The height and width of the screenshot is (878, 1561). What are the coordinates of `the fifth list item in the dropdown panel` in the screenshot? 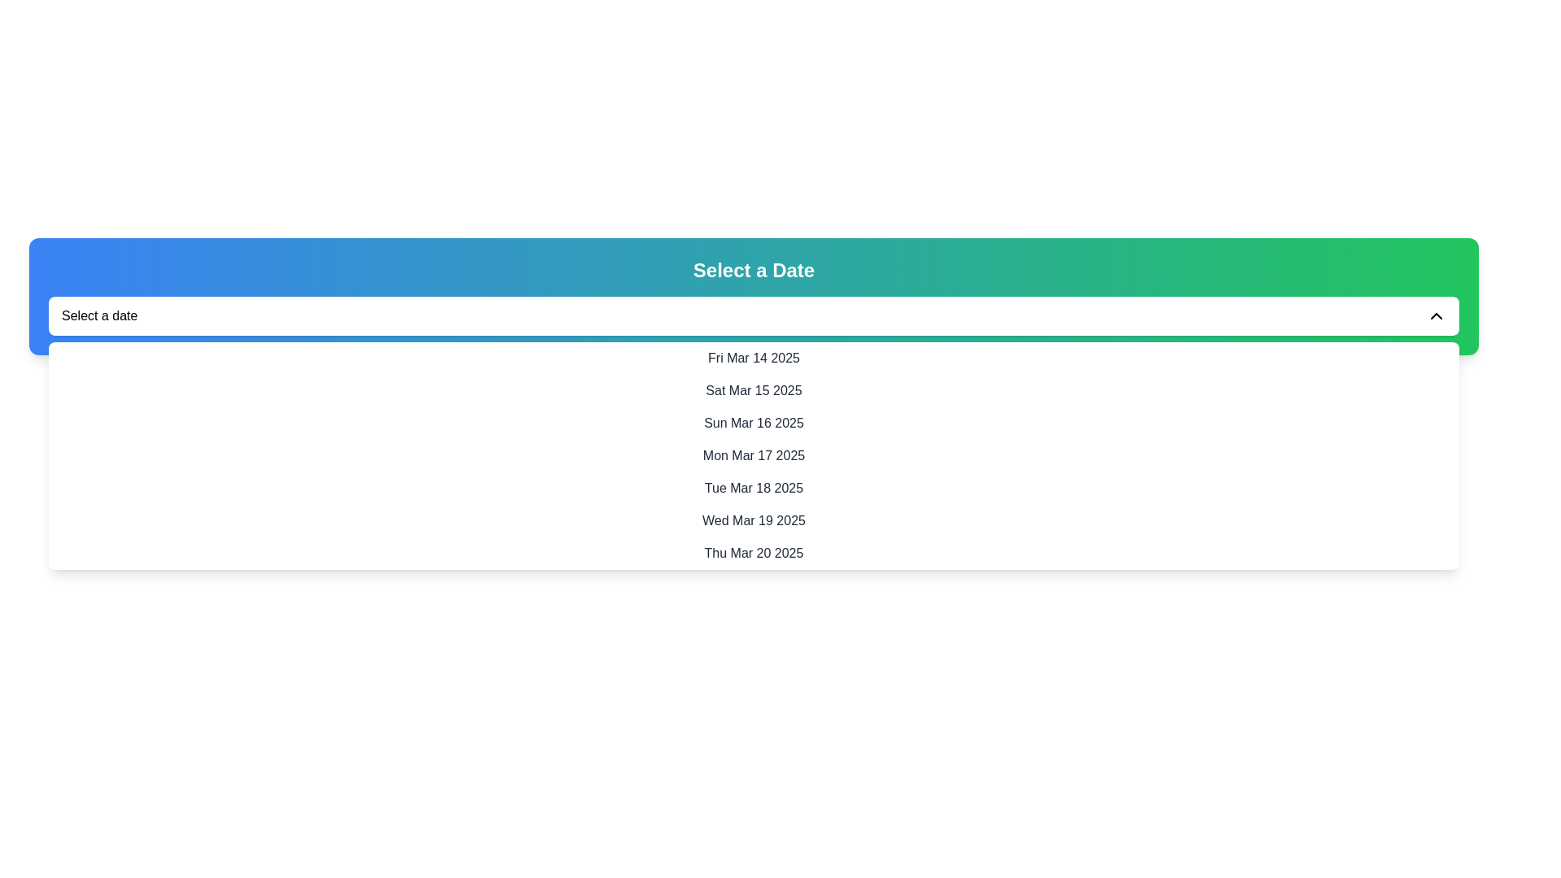 It's located at (753, 488).